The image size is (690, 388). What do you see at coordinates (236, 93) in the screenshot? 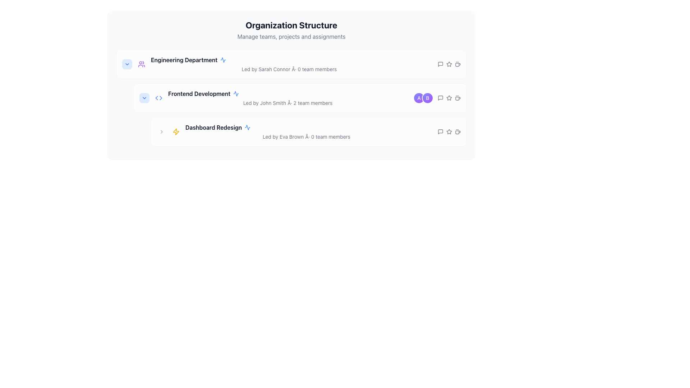
I see `the compact blue icon associated with the 'Frontend Development' entry in the hierarchical list view` at bounding box center [236, 93].